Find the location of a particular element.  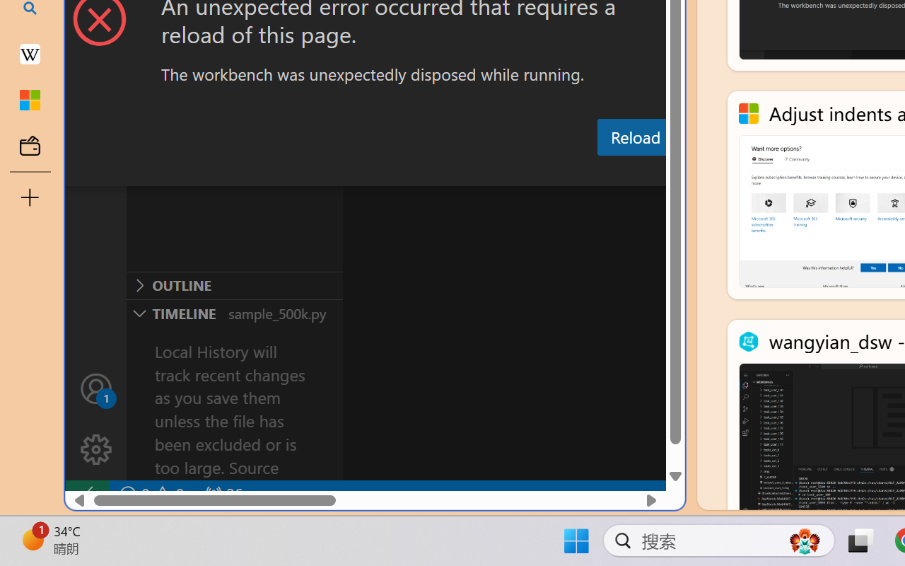

'Reload' is located at coordinates (634, 136).